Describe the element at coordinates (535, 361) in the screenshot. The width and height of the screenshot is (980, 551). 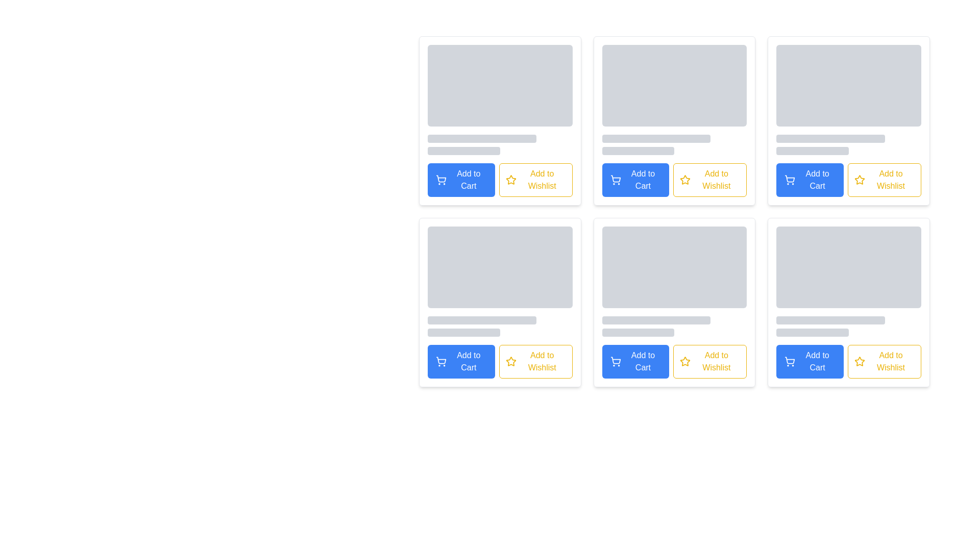
I see `the rectangular button with a white background and yellow borders labeled 'Add to Wishlist'` at that location.